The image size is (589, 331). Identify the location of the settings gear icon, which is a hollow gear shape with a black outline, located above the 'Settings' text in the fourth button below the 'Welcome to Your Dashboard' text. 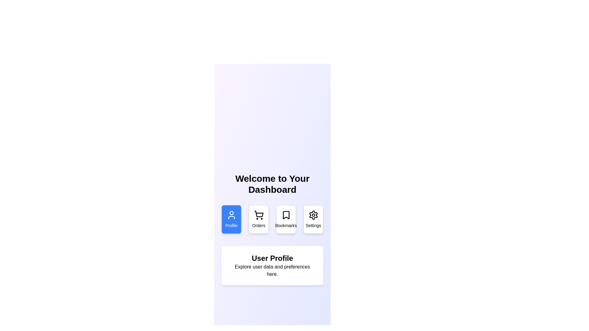
(313, 215).